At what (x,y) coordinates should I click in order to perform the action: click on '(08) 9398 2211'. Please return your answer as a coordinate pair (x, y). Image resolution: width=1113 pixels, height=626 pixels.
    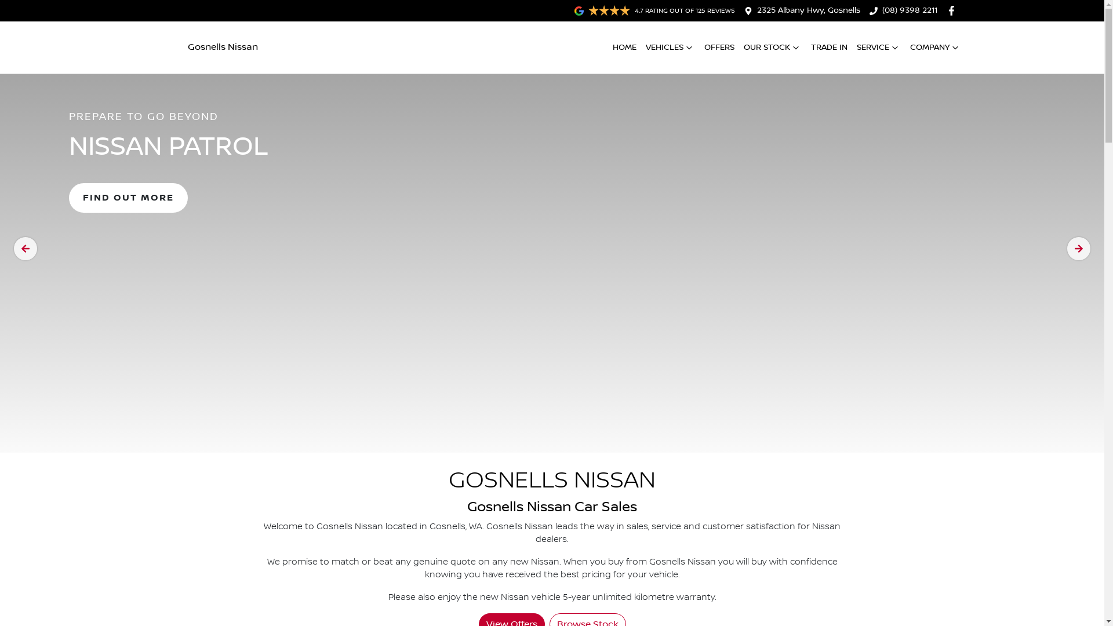
    Looking at the image, I should click on (909, 10).